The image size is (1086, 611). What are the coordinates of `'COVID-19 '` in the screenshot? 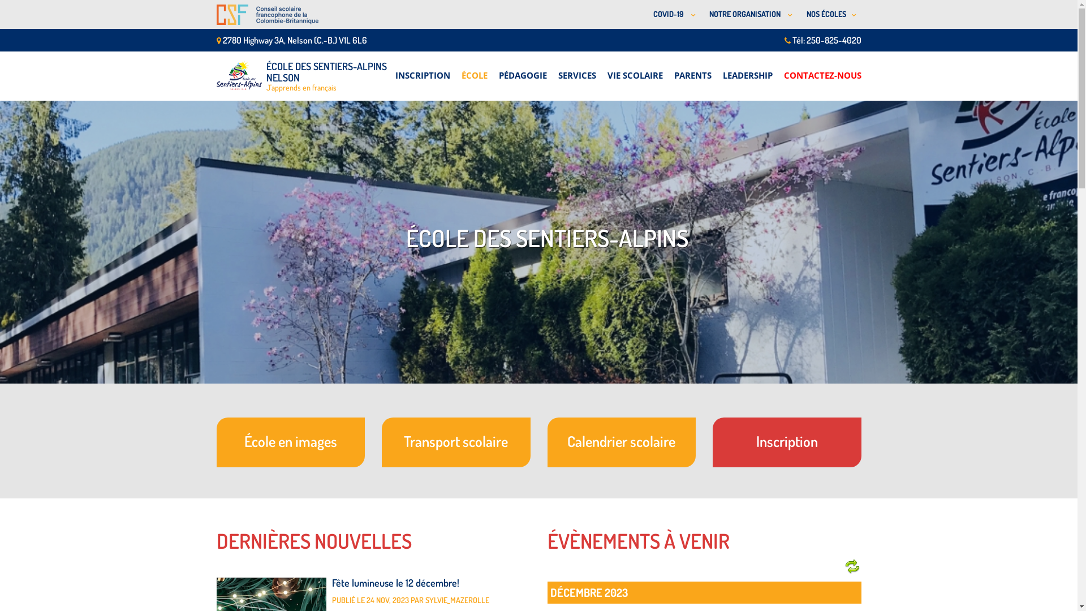 It's located at (672, 14).